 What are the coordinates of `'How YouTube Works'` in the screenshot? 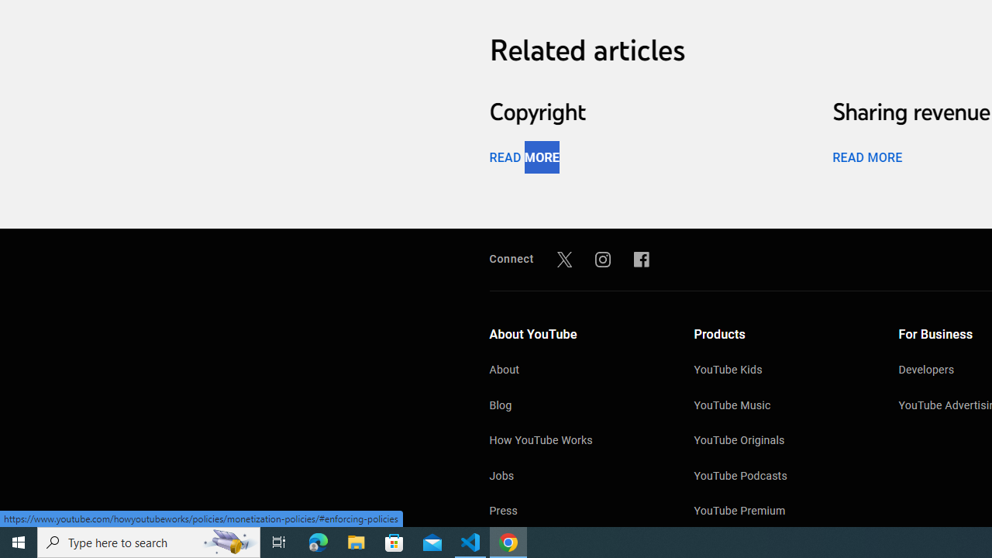 It's located at (575, 442).